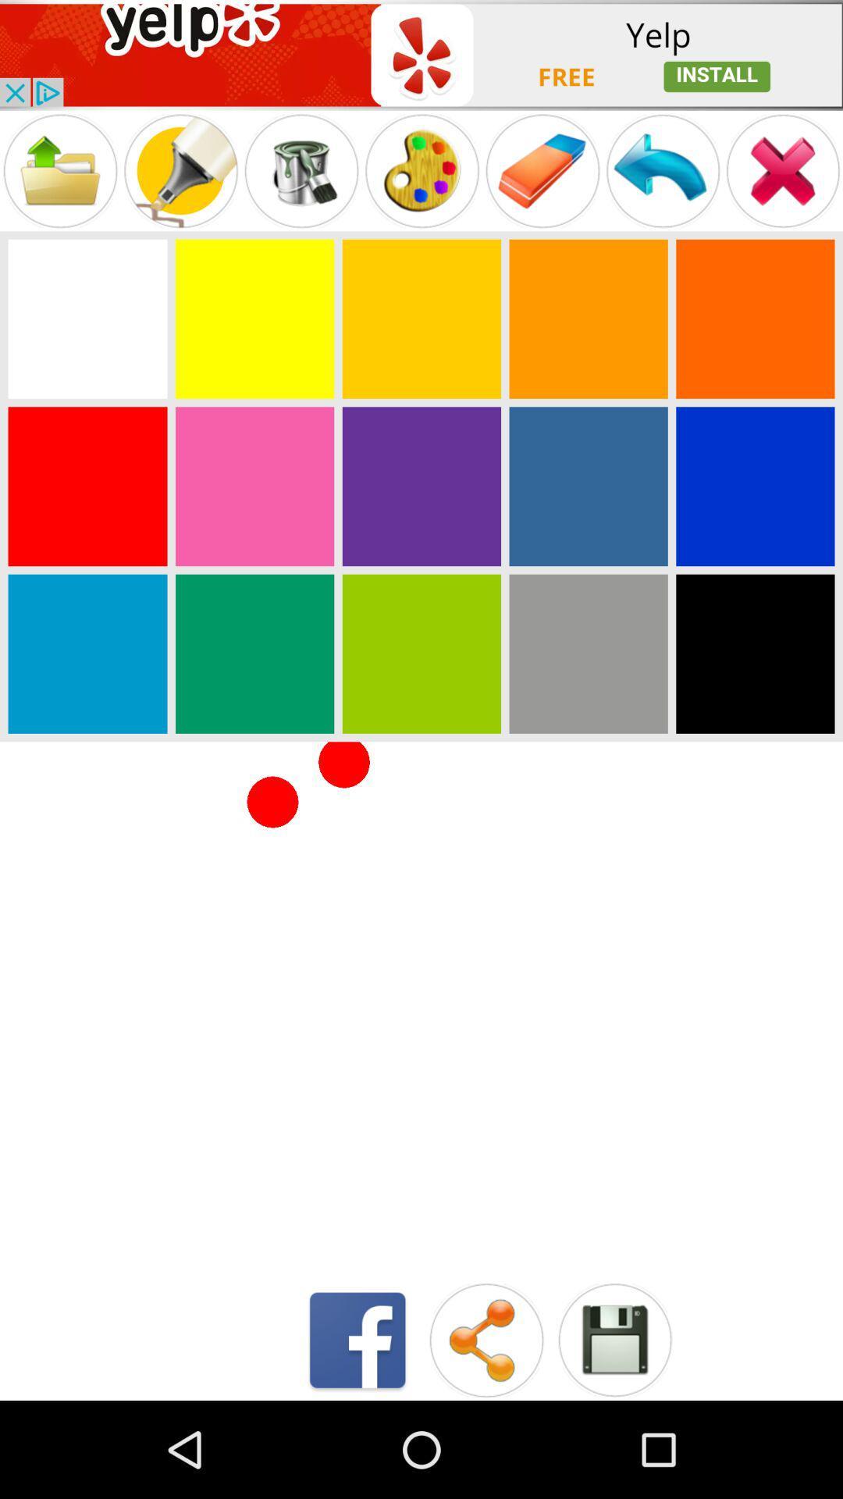 Image resolution: width=843 pixels, height=1499 pixels. What do you see at coordinates (589, 653) in the screenshot?
I see `grey` at bounding box center [589, 653].